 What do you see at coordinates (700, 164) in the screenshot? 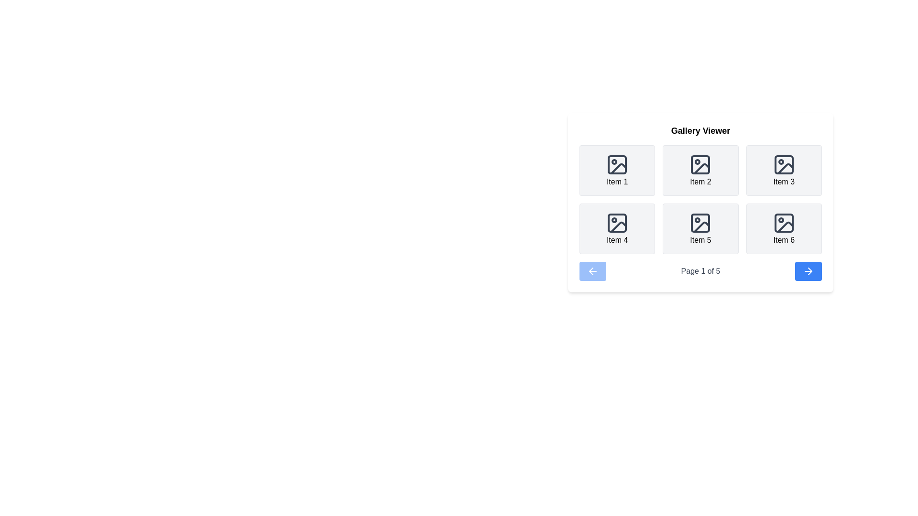
I see `the small square component with rounded corners inside a larger image icon, located in the second column of the first row in the grid layout of the gallery viewer` at bounding box center [700, 164].